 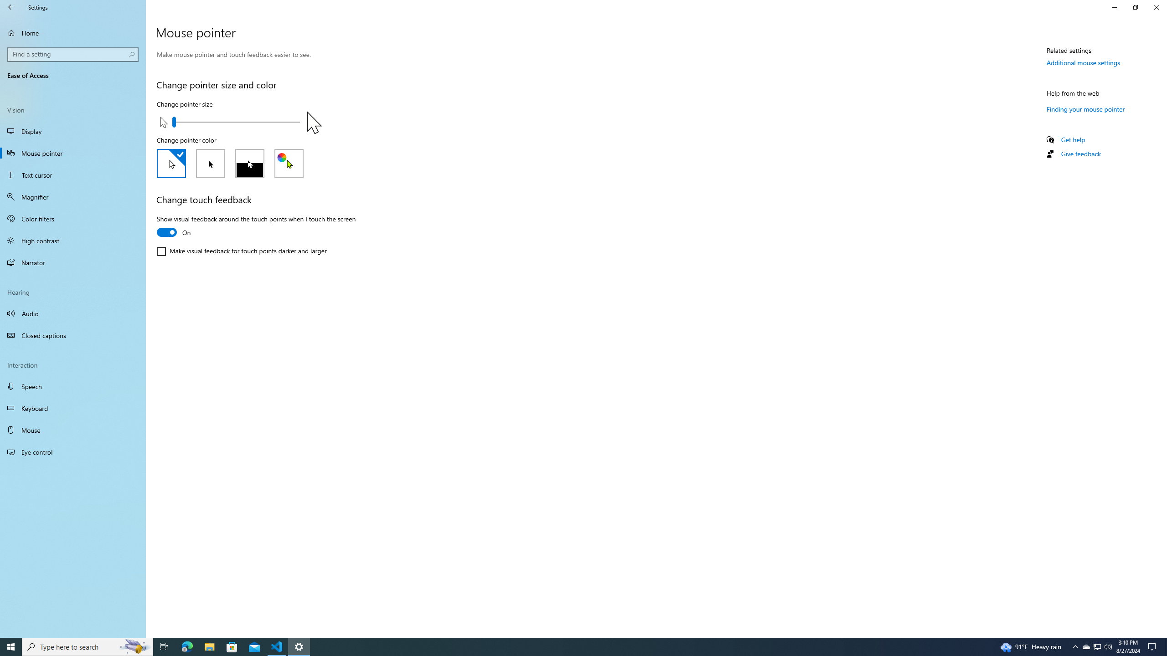 I want to click on 'Restore Settings', so click(x=1135, y=7).